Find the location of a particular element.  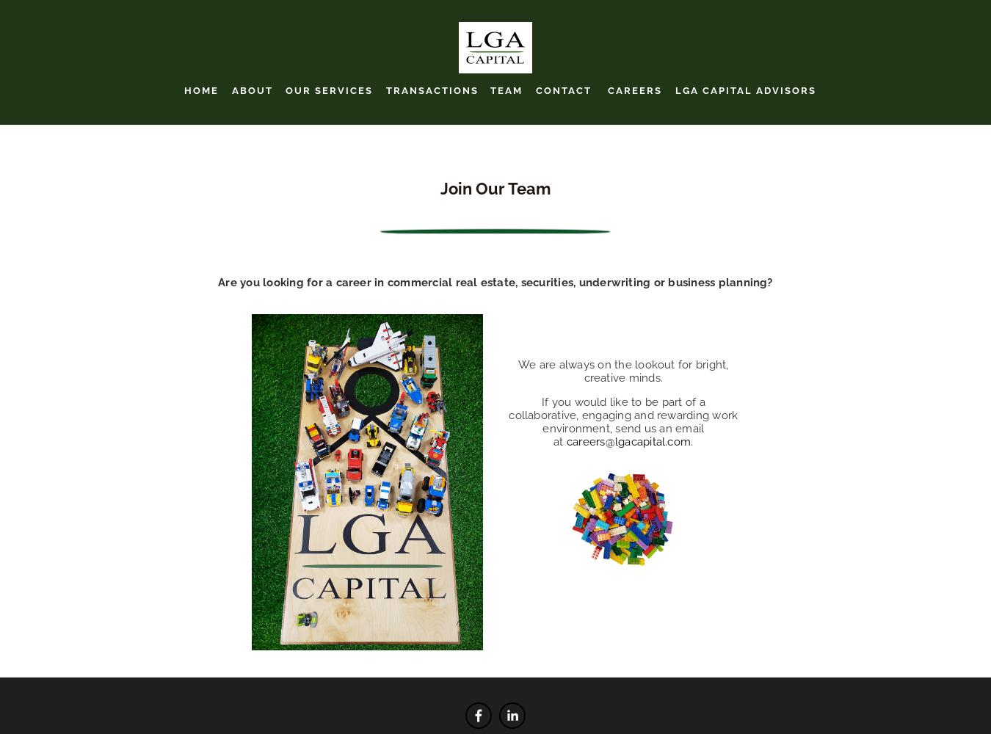

'Are you looking for a career in commercial real estate, securities, underwriting or business planning?' is located at coordinates (495, 282).